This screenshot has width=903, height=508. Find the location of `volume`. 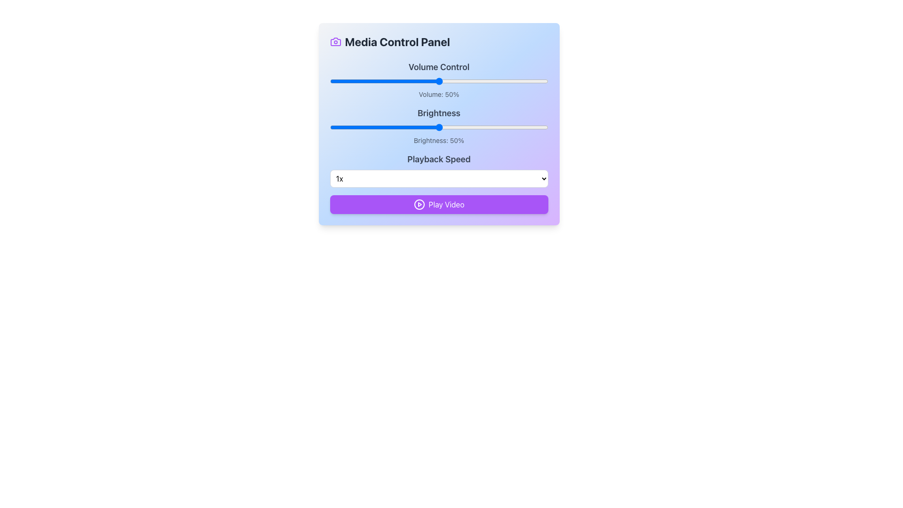

volume is located at coordinates (493, 81).